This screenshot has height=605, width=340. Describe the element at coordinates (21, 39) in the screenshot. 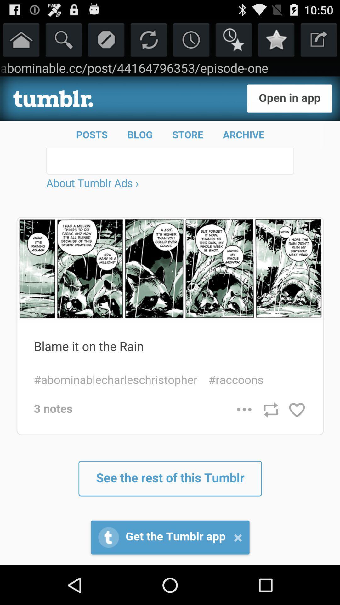

I see `home page` at that location.